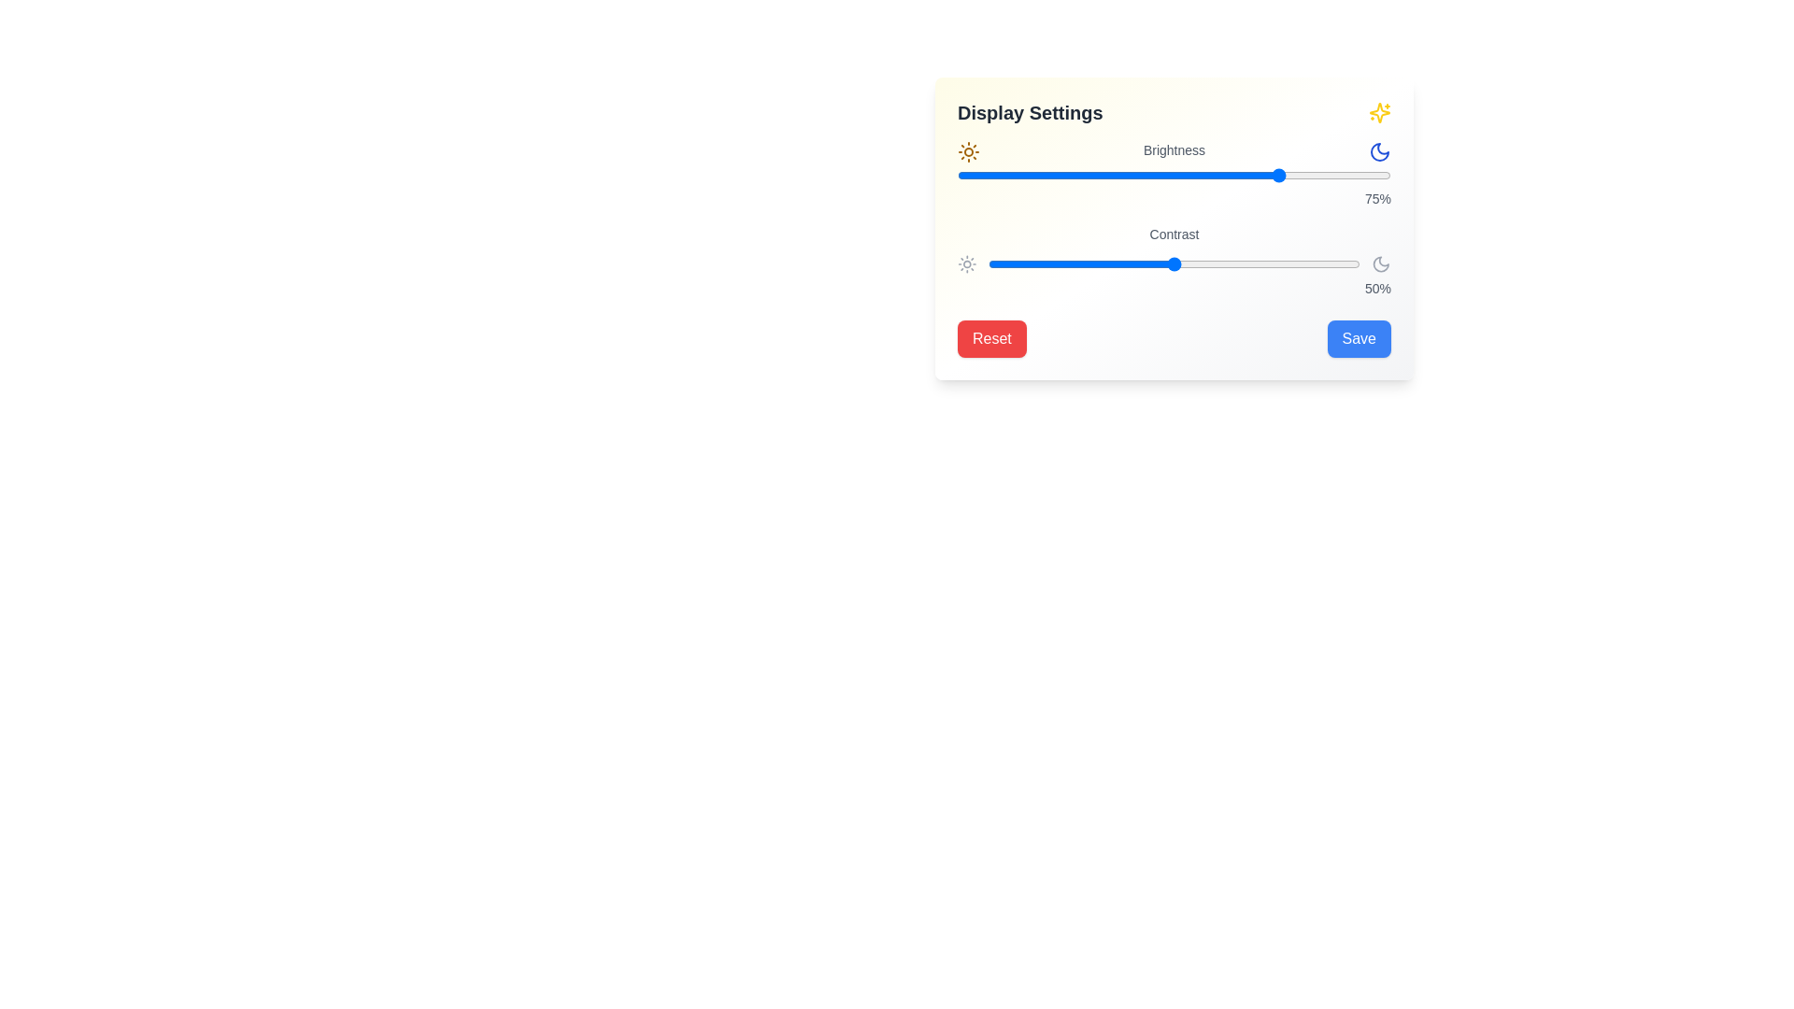  What do you see at coordinates (1173, 263) in the screenshot?
I see `the contrast level` at bounding box center [1173, 263].